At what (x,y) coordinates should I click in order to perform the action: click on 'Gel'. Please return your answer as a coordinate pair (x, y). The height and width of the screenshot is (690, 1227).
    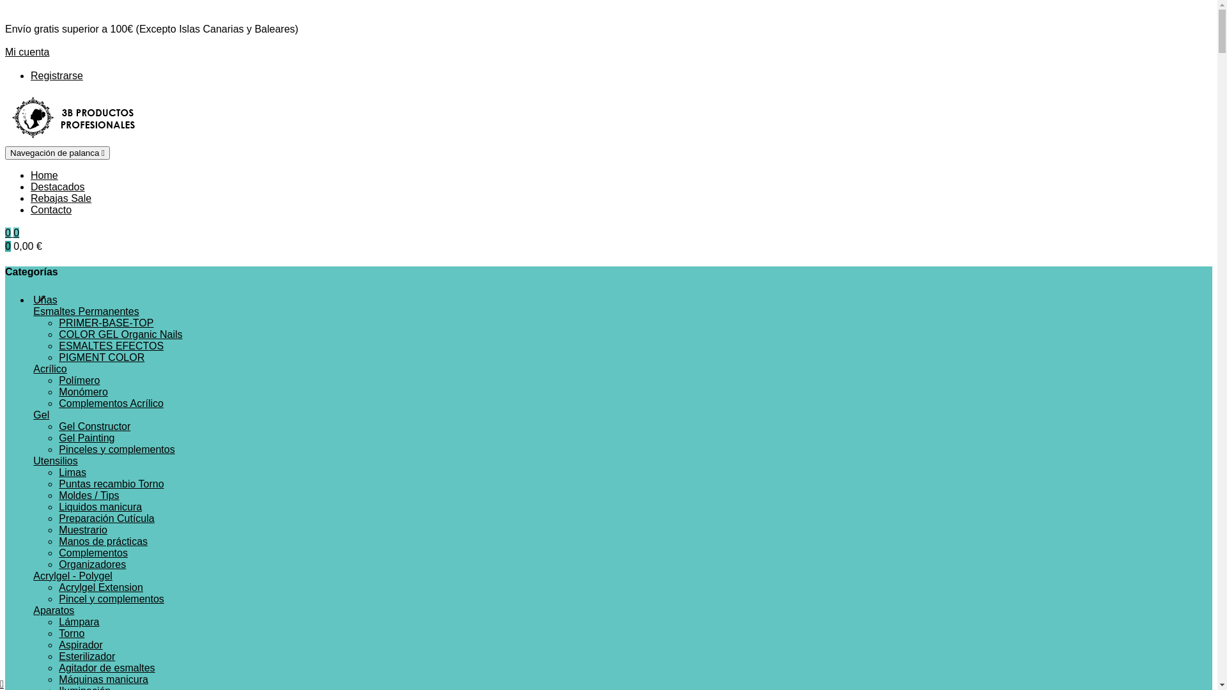
    Looking at the image, I should click on (41, 415).